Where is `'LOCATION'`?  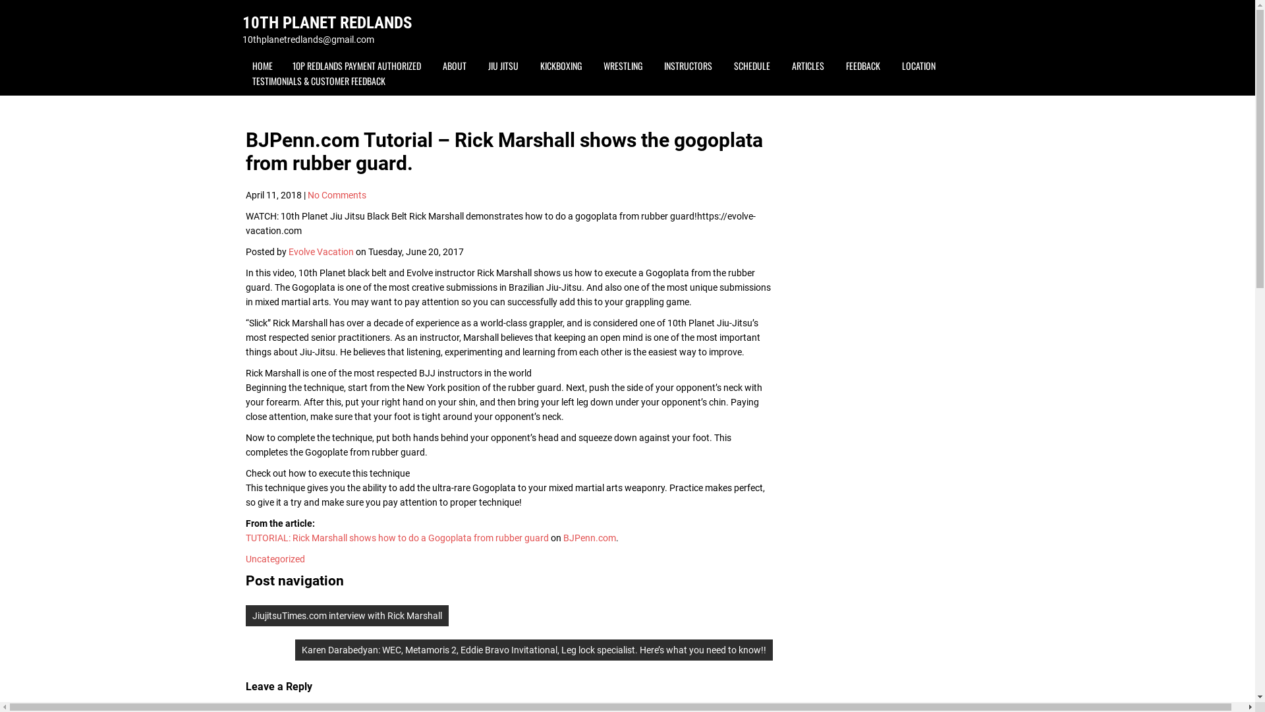
'LOCATION' is located at coordinates (918, 65).